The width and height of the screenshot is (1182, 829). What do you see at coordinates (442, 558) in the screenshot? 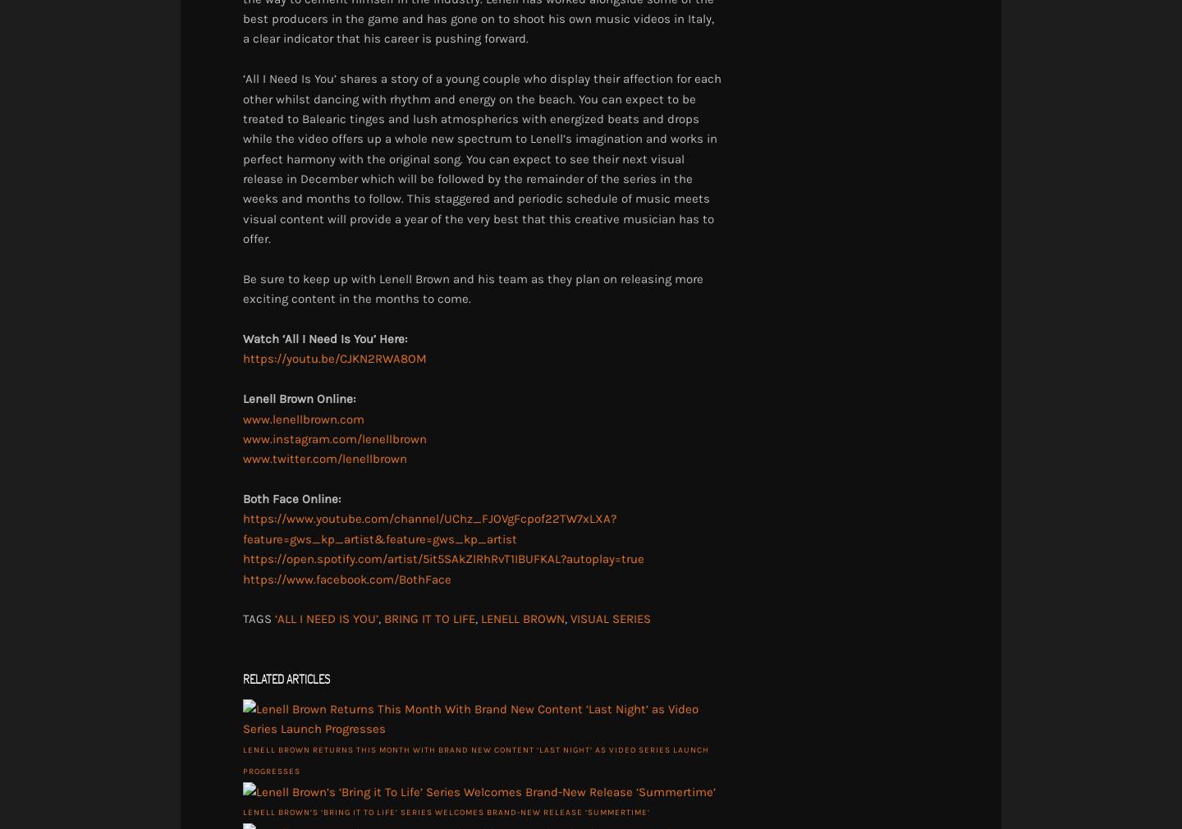
I see `'https://open.spotify.com/artist/5it5SAkZlRhRvT1IBUFKAL?autoplay=true'` at bounding box center [442, 558].